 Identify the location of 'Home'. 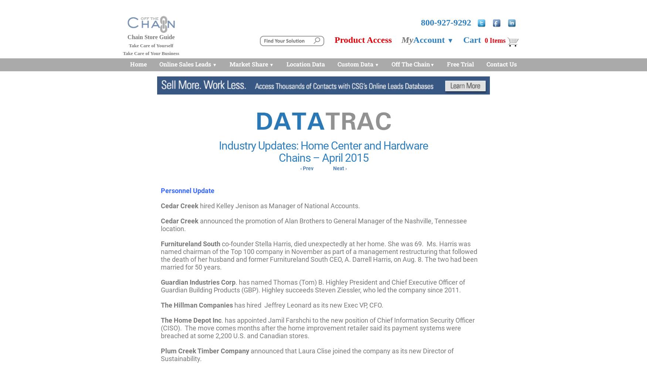
(138, 64).